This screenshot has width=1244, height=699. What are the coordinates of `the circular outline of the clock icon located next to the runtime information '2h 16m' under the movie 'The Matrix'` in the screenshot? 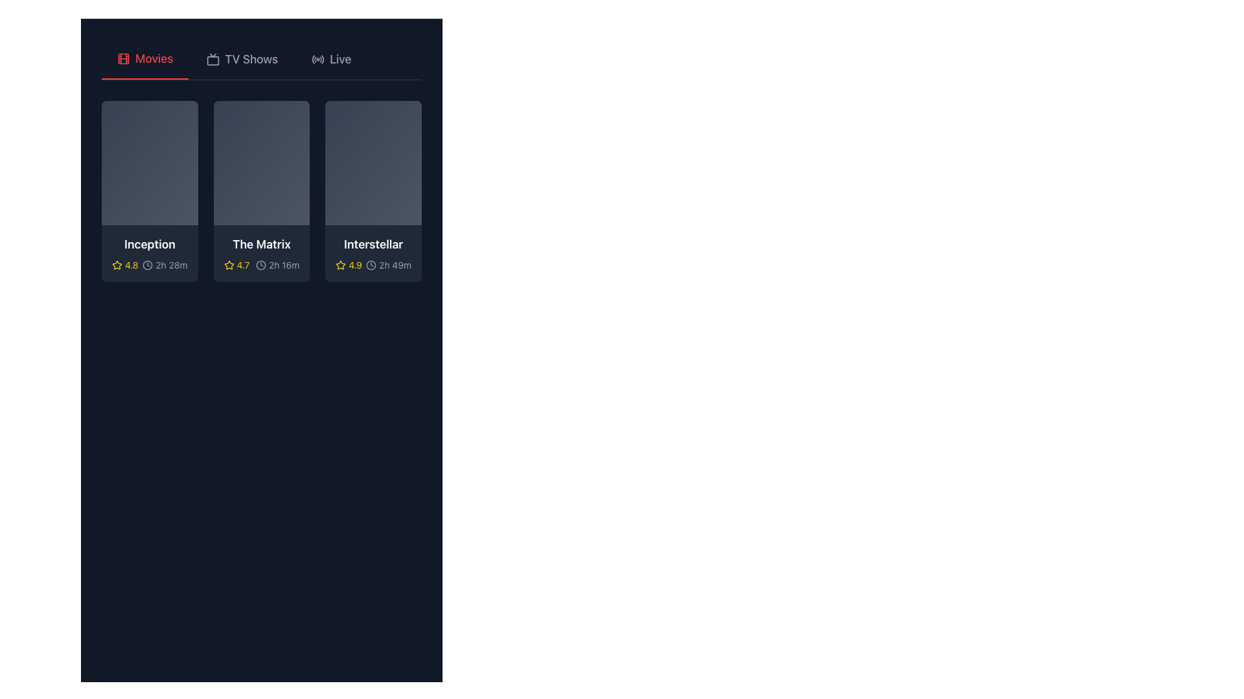 It's located at (260, 264).